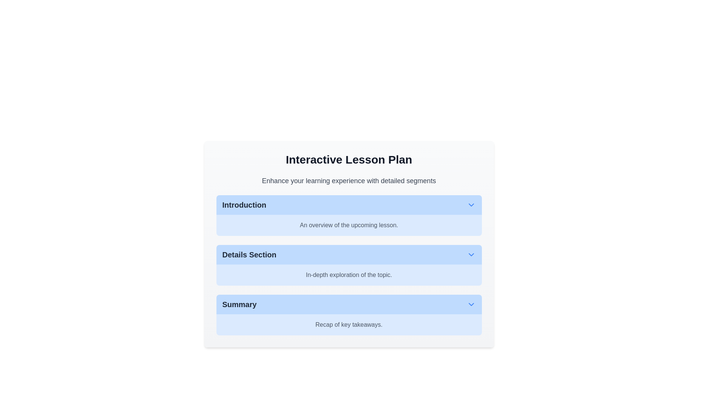  I want to click on the toggle icon located on the far right side of the 'Introduction' section header, so click(471, 205).